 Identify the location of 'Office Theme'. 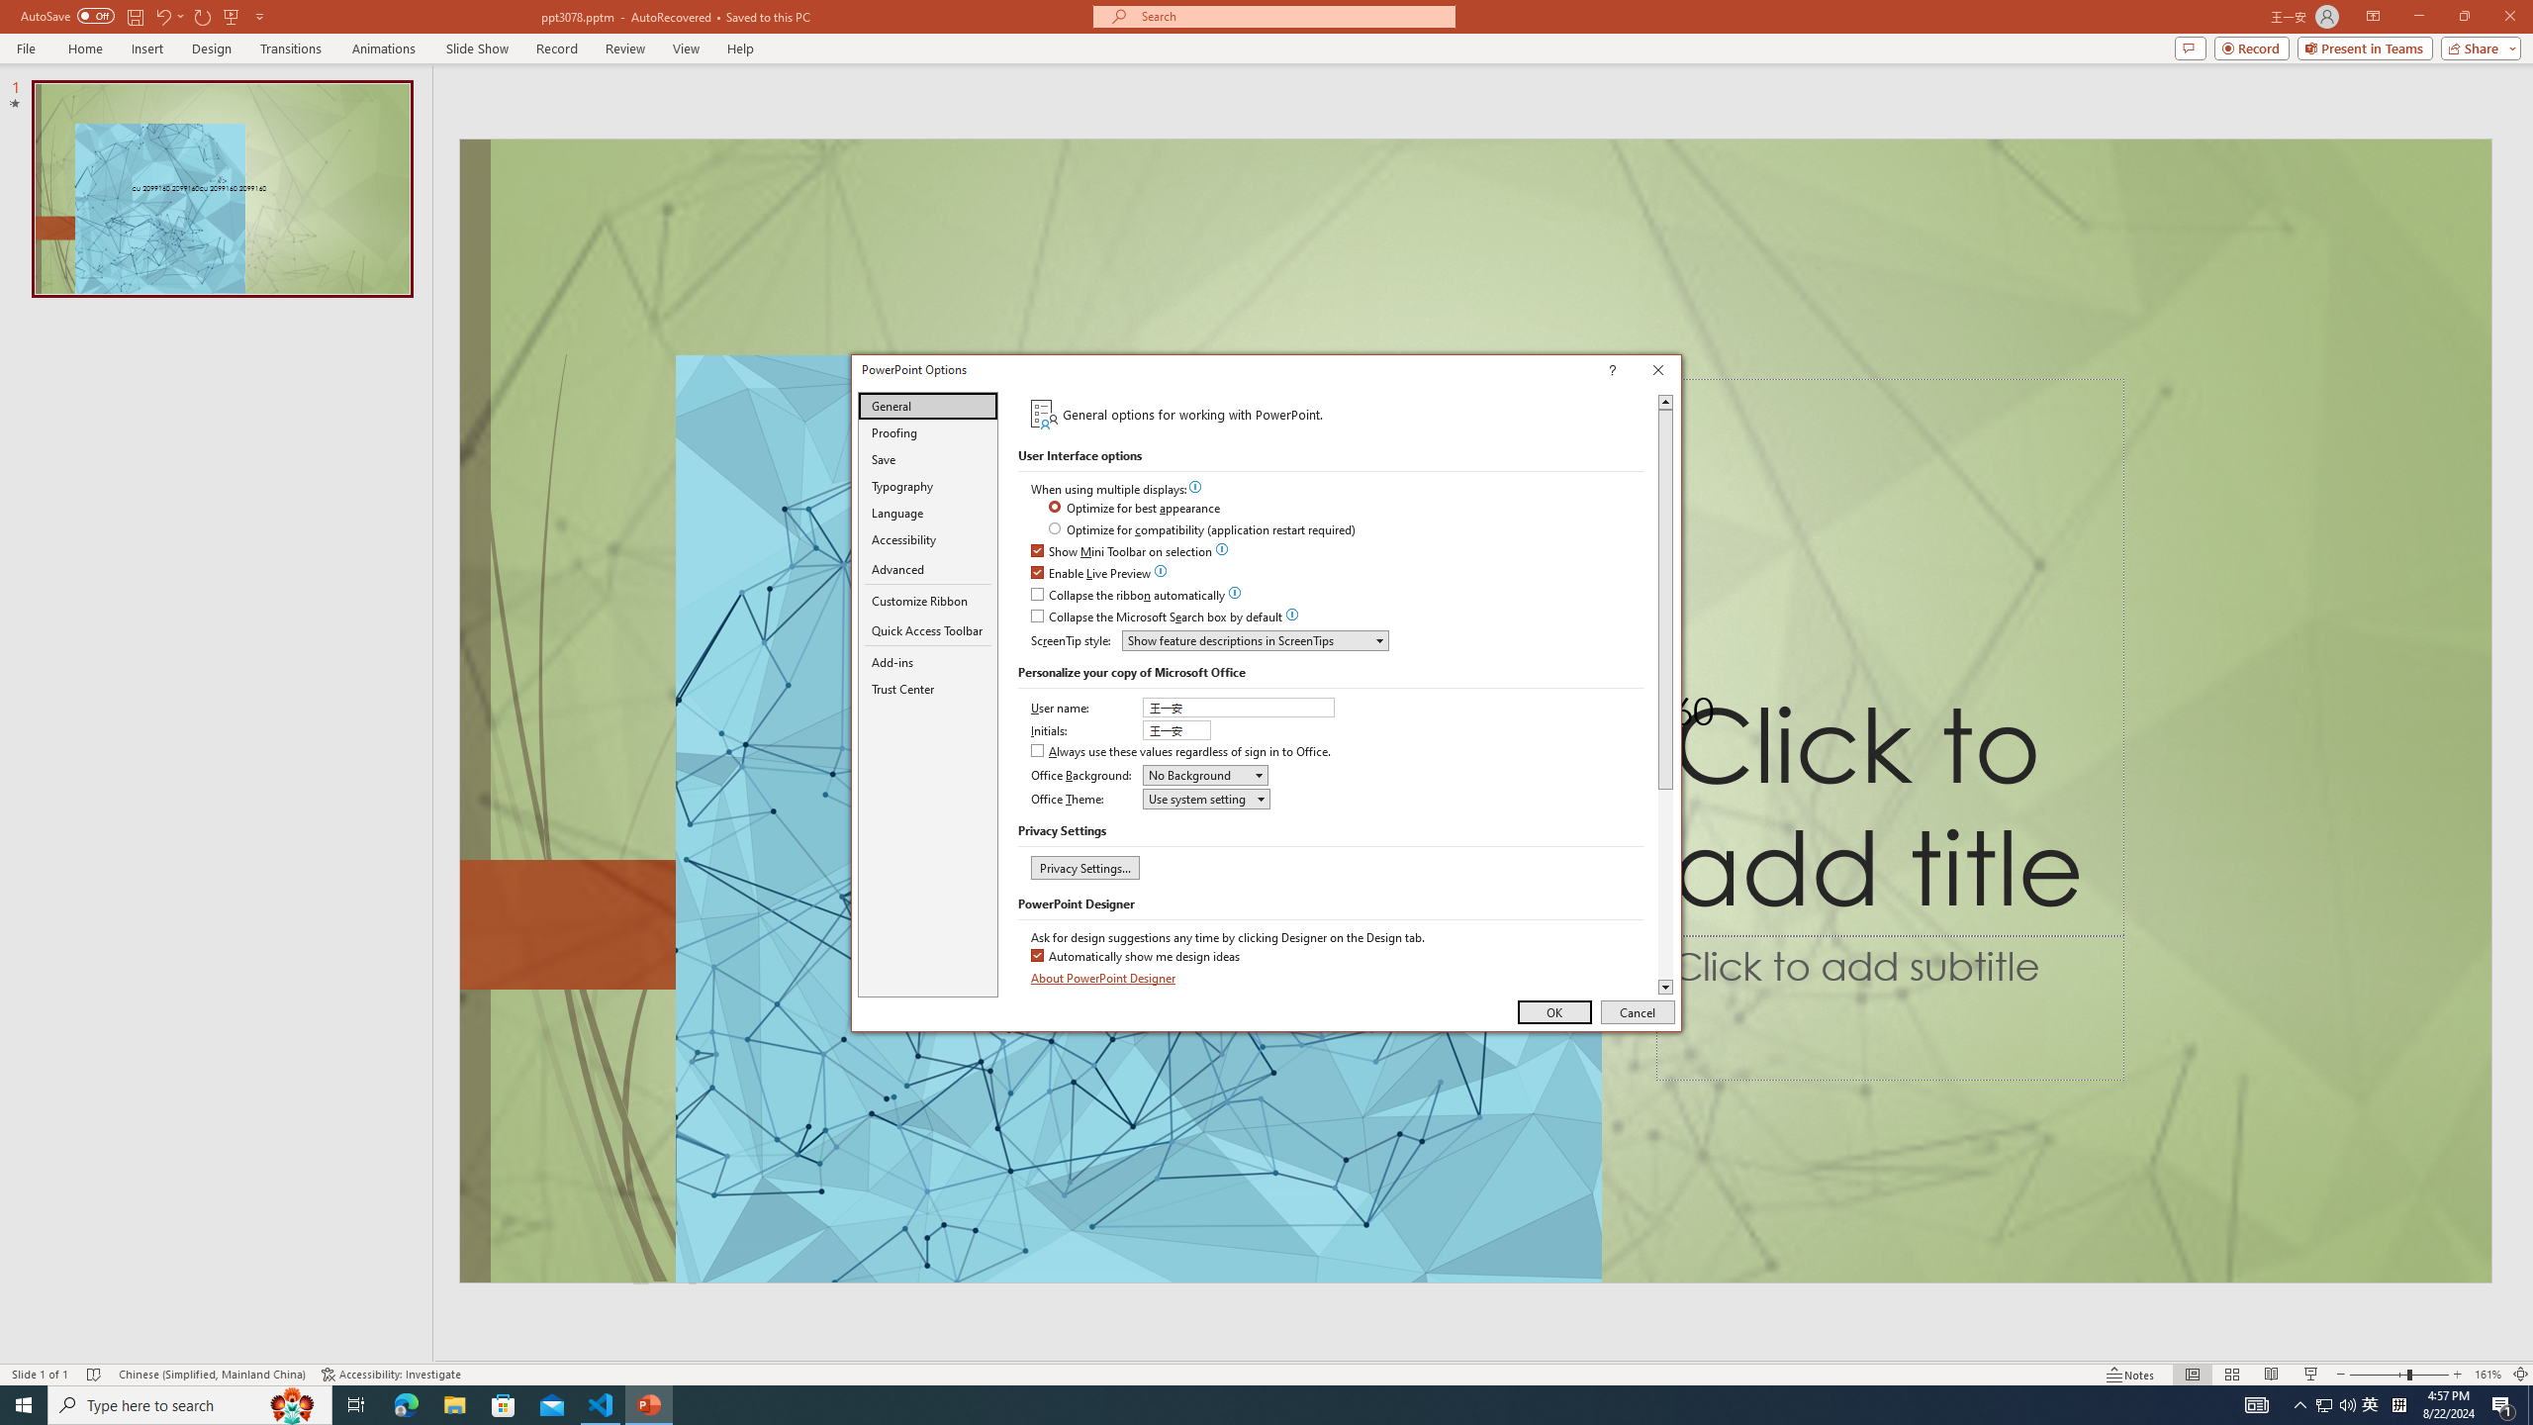
(1205, 799).